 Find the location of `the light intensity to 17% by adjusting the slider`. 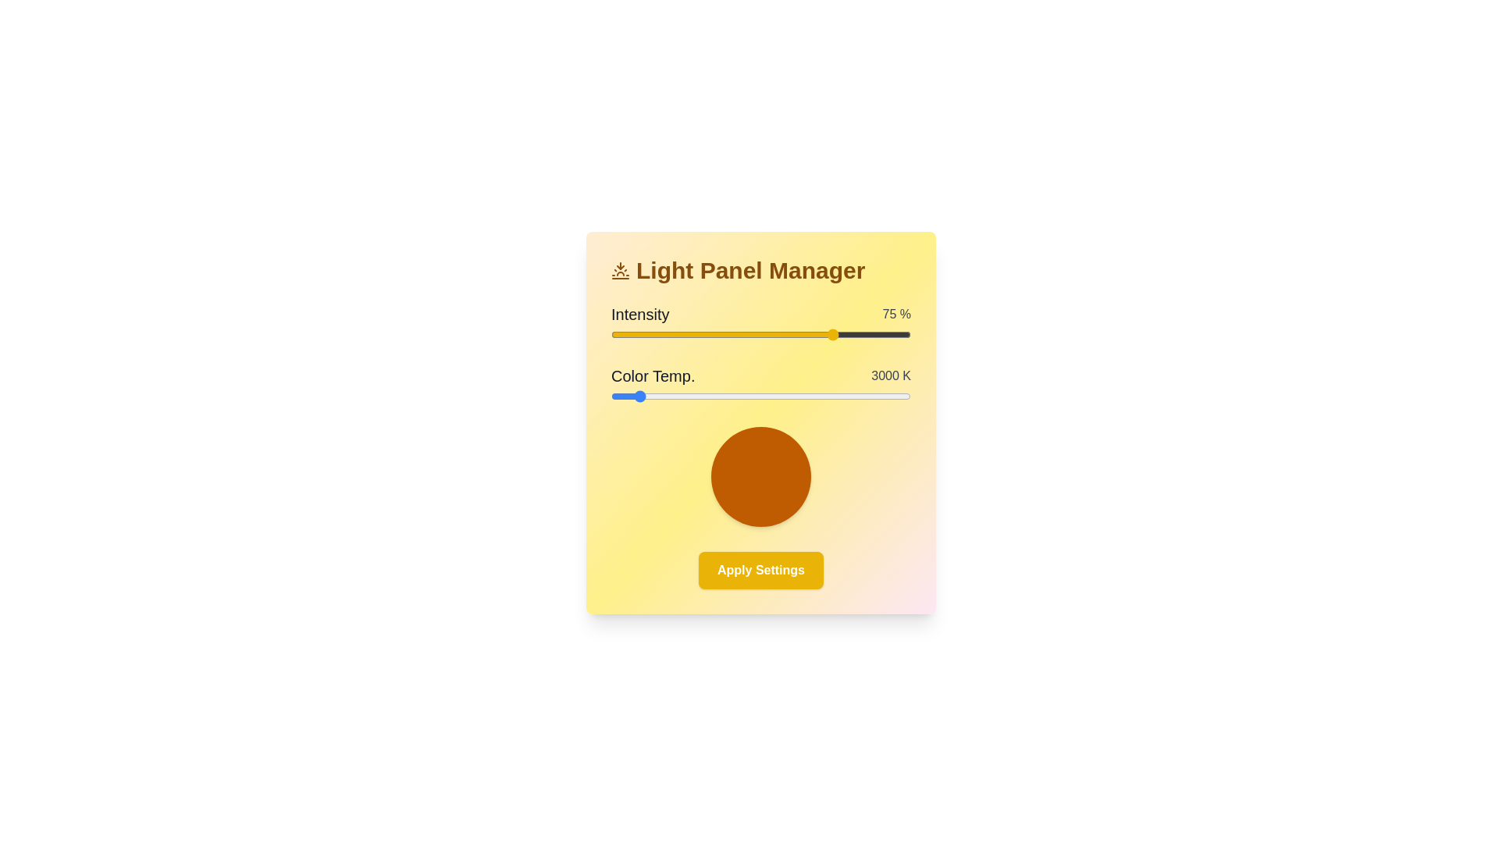

the light intensity to 17% by adjusting the slider is located at coordinates (662, 333).